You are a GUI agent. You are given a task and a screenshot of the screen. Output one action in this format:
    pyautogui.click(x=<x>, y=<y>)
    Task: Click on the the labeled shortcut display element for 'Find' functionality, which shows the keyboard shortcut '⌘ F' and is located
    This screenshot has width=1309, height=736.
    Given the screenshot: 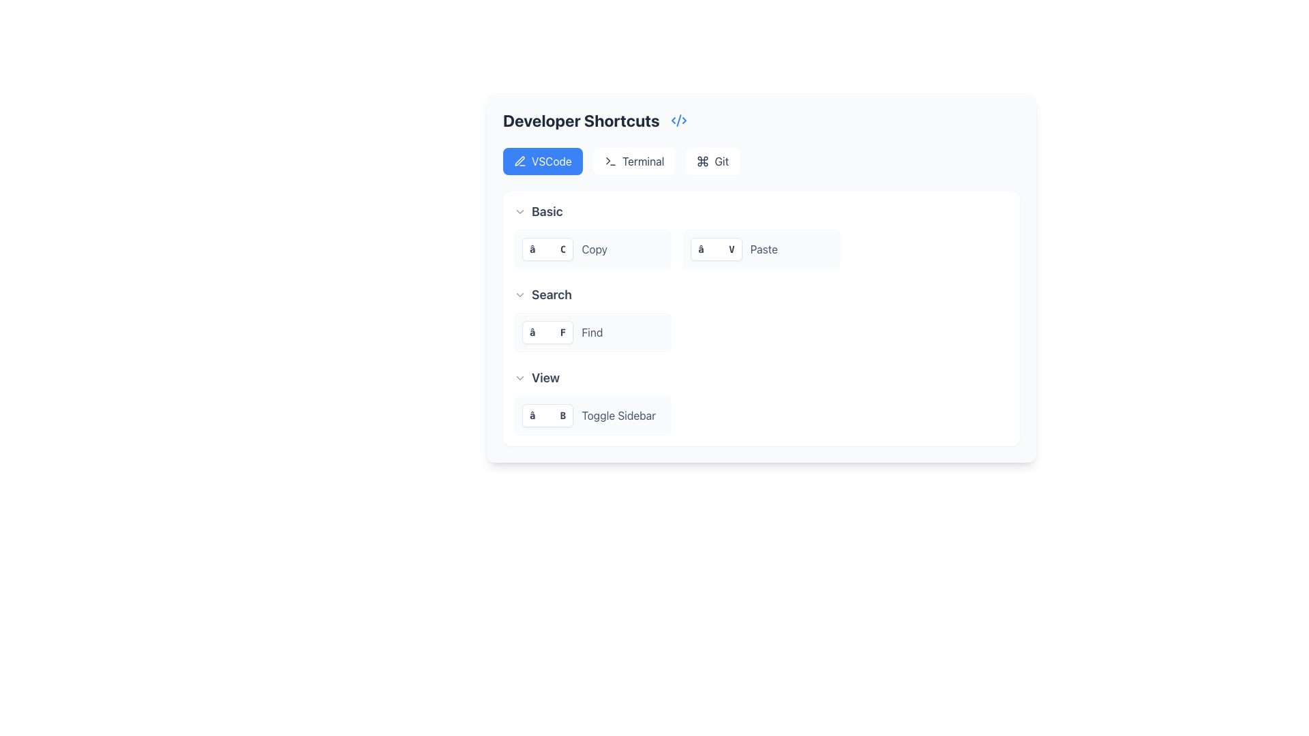 What is the action you would take?
    pyautogui.click(x=592, y=333)
    